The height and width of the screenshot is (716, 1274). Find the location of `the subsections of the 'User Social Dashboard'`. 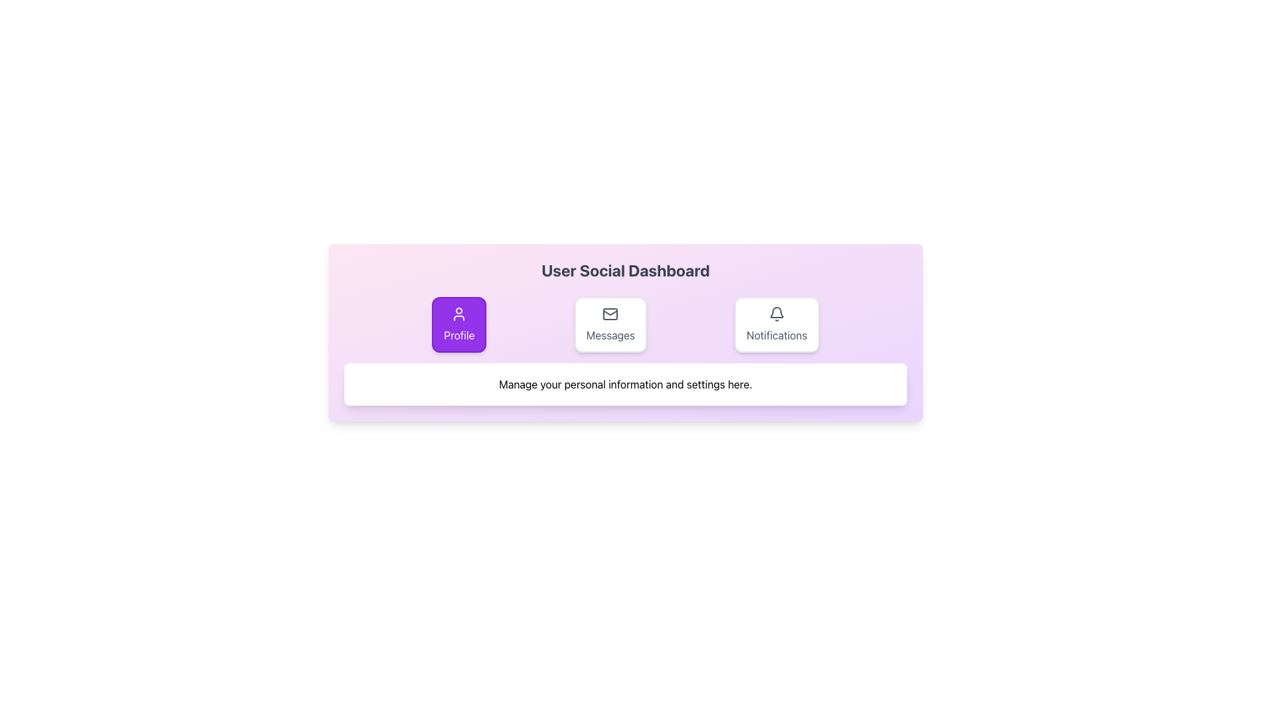

the subsections of the 'User Social Dashboard' is located at coordinates (624, 331).